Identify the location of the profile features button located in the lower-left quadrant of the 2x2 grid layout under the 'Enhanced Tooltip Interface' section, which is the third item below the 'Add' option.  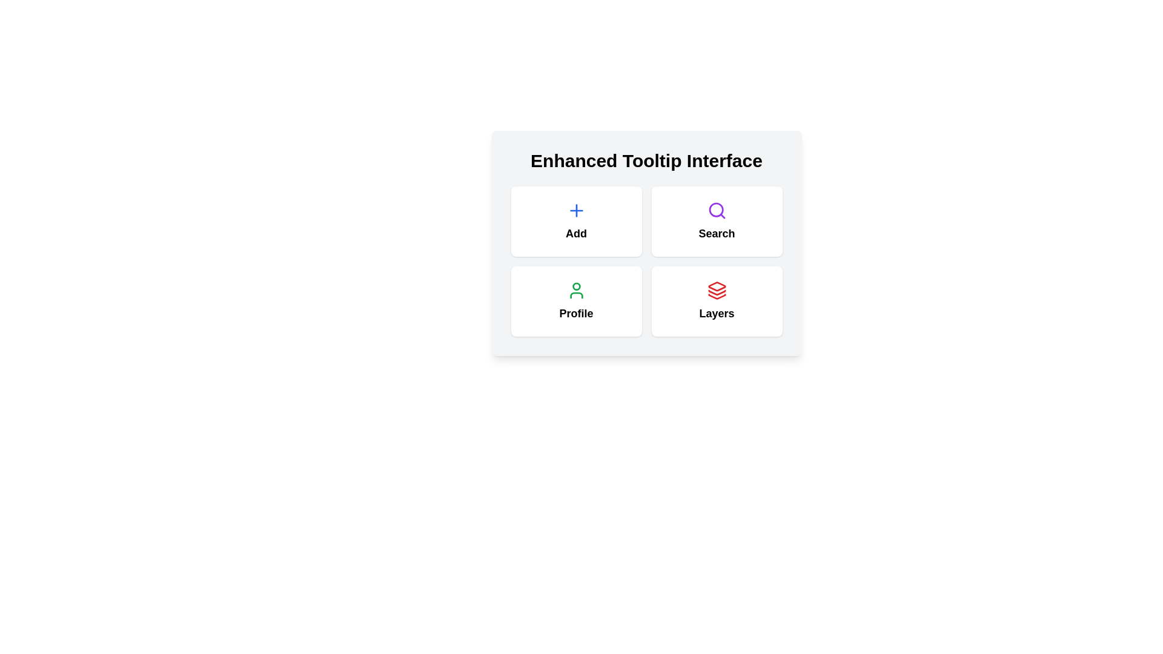
(575, 300).